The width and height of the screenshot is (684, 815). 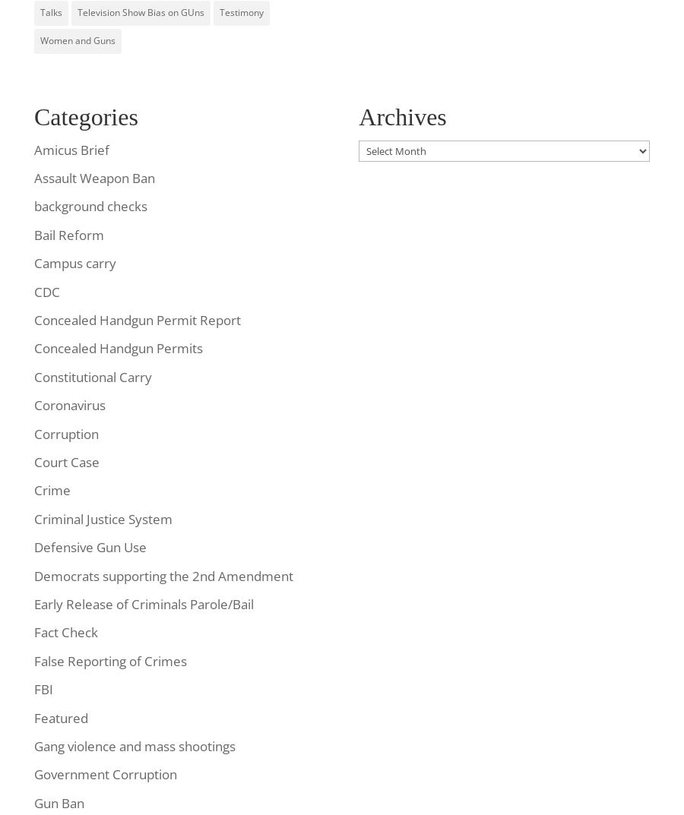 I want to click on 'Talks', so click(x=50, y=11).